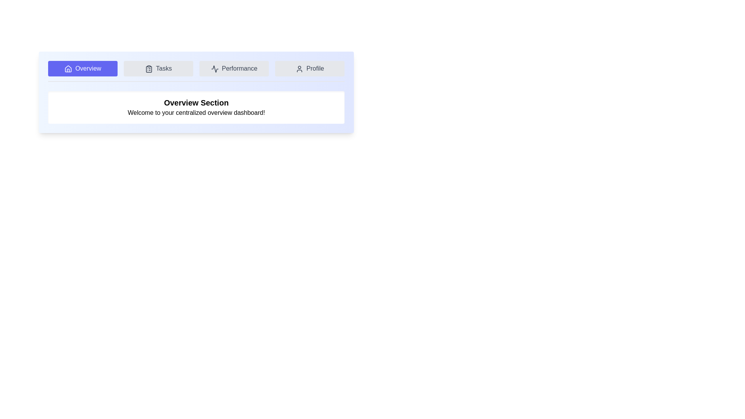 The width and height of the screenshot is (745, 419). I want to click on the 'Tasks' button in the top menu bar, which contains the task icon to its left, so click(149, 68).